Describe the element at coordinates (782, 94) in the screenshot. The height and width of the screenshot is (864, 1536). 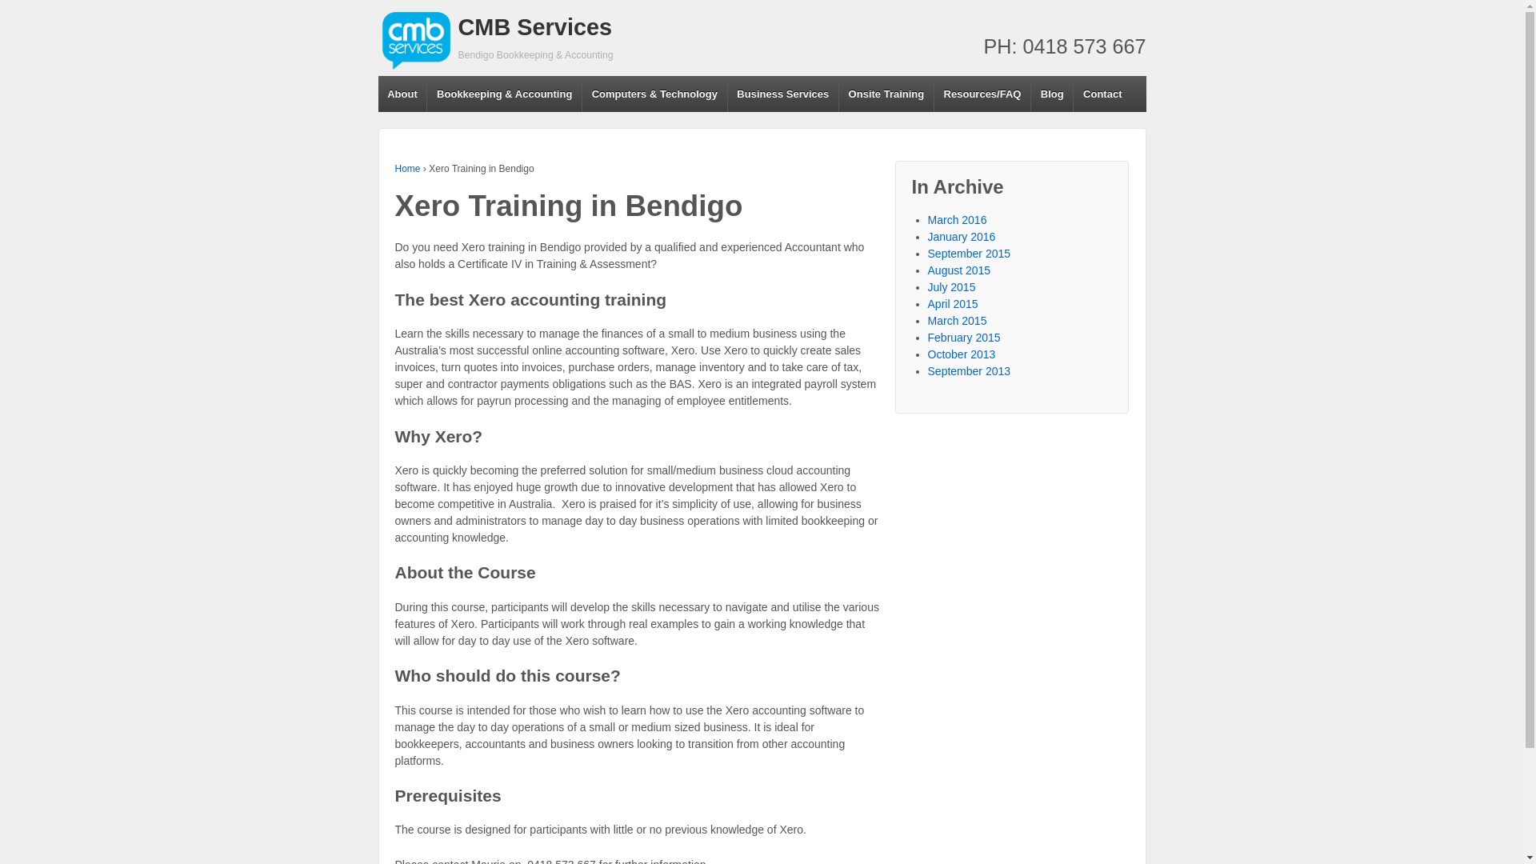
I see `'Business Services'` at that location.